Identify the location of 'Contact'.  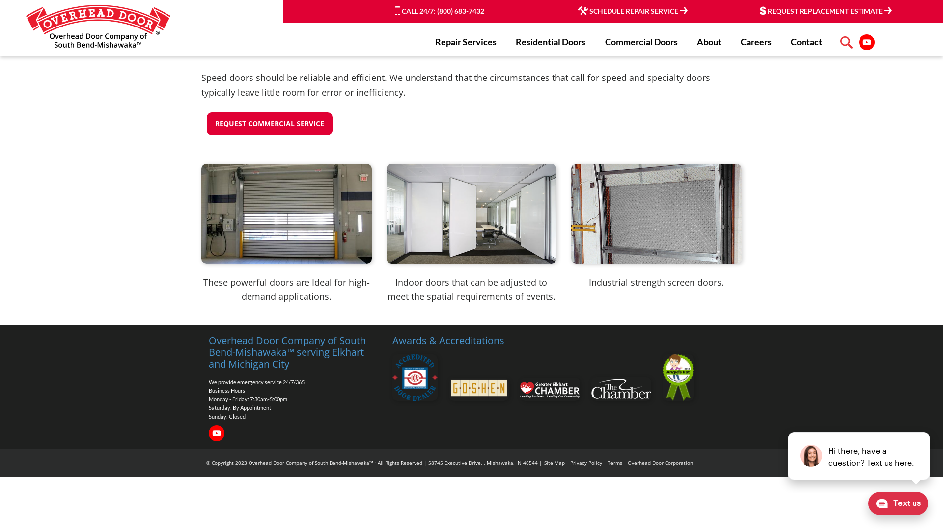
(806, 41).